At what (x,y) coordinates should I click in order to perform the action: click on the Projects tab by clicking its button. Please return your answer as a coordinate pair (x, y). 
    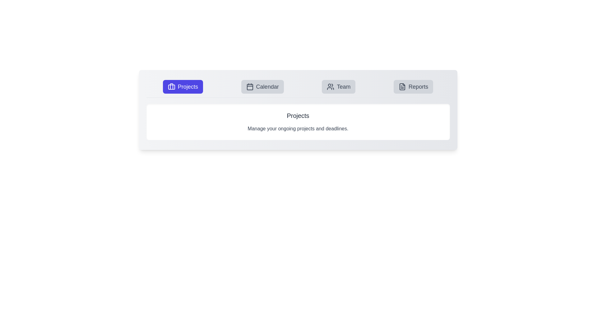
    Looking at the image, I should click on (183, 86).